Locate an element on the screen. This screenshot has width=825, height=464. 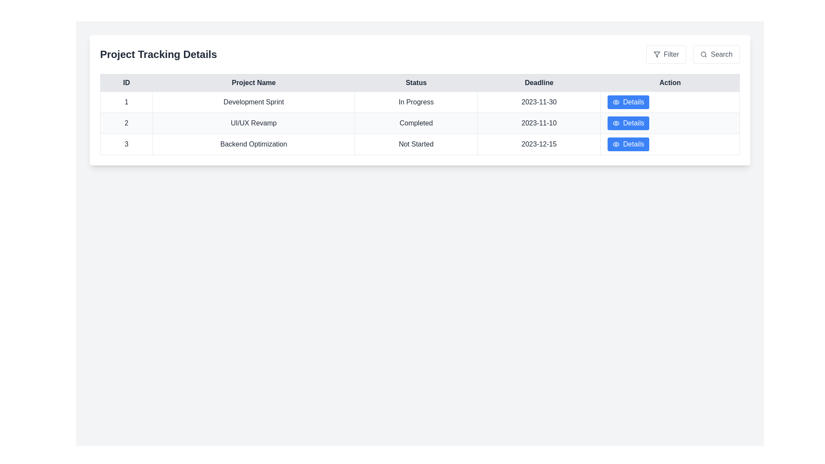
the static text label indicating the status 'Completed' for the project 'UI/UX Revamp' in the 'Project Tracking Details' table is located at coordinates (416, 123).